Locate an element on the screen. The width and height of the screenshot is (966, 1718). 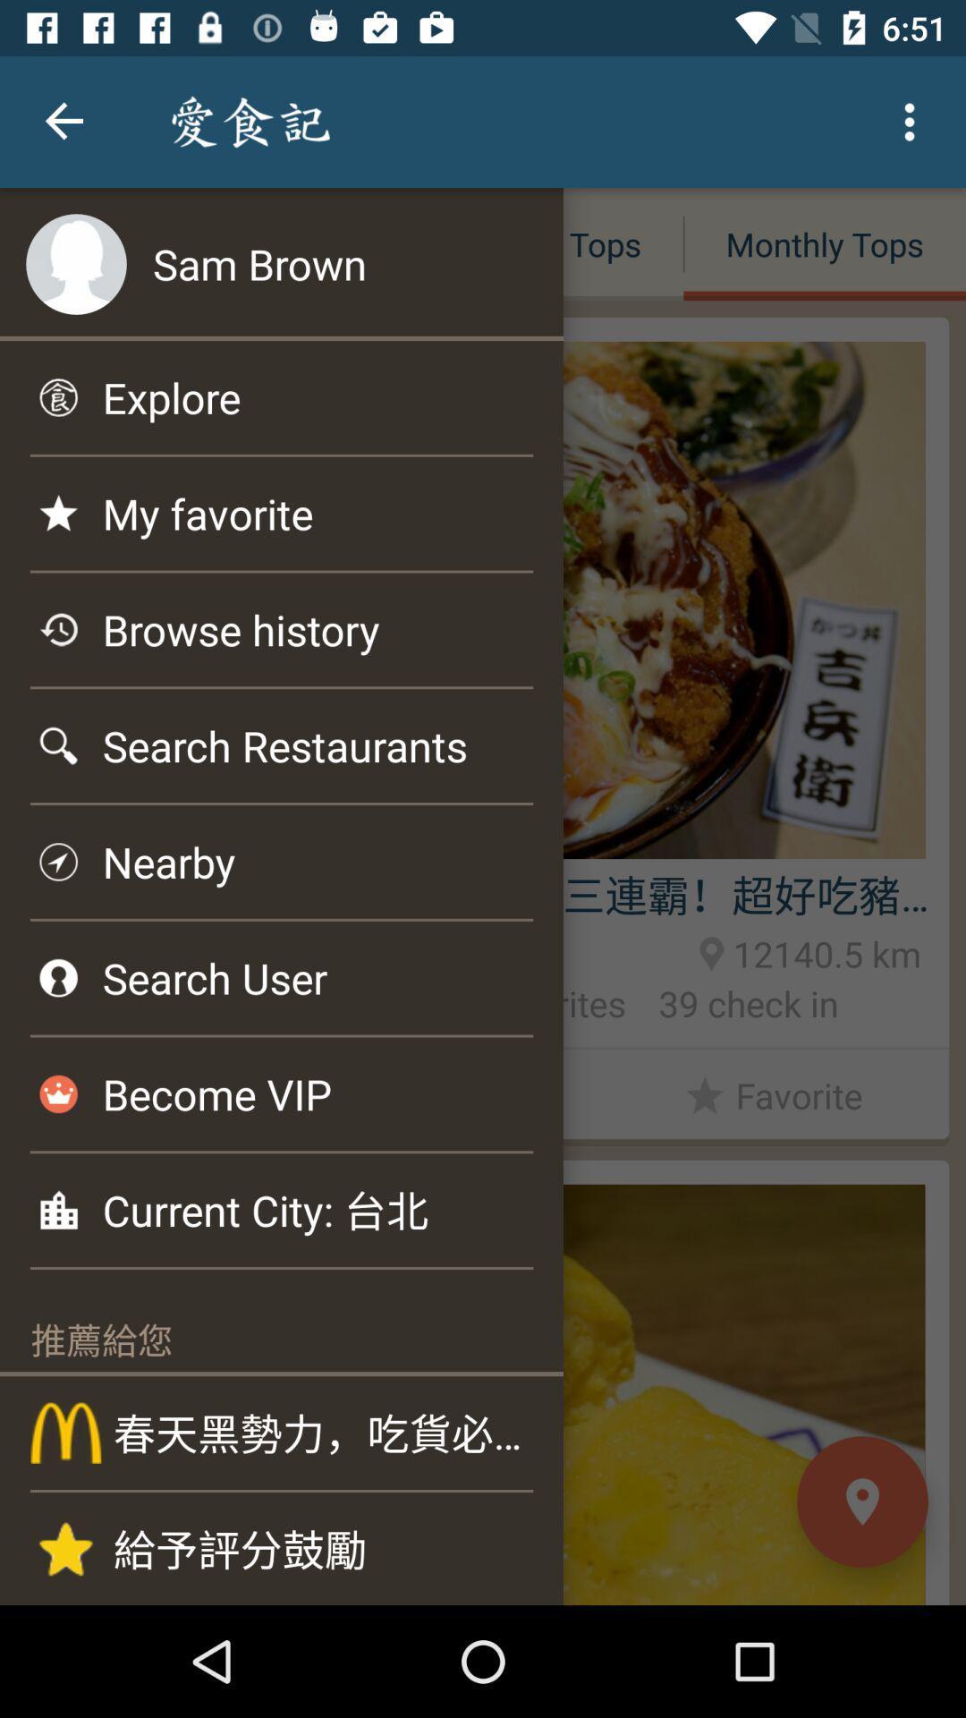
the location icon is located at coordinates (861, 1501).